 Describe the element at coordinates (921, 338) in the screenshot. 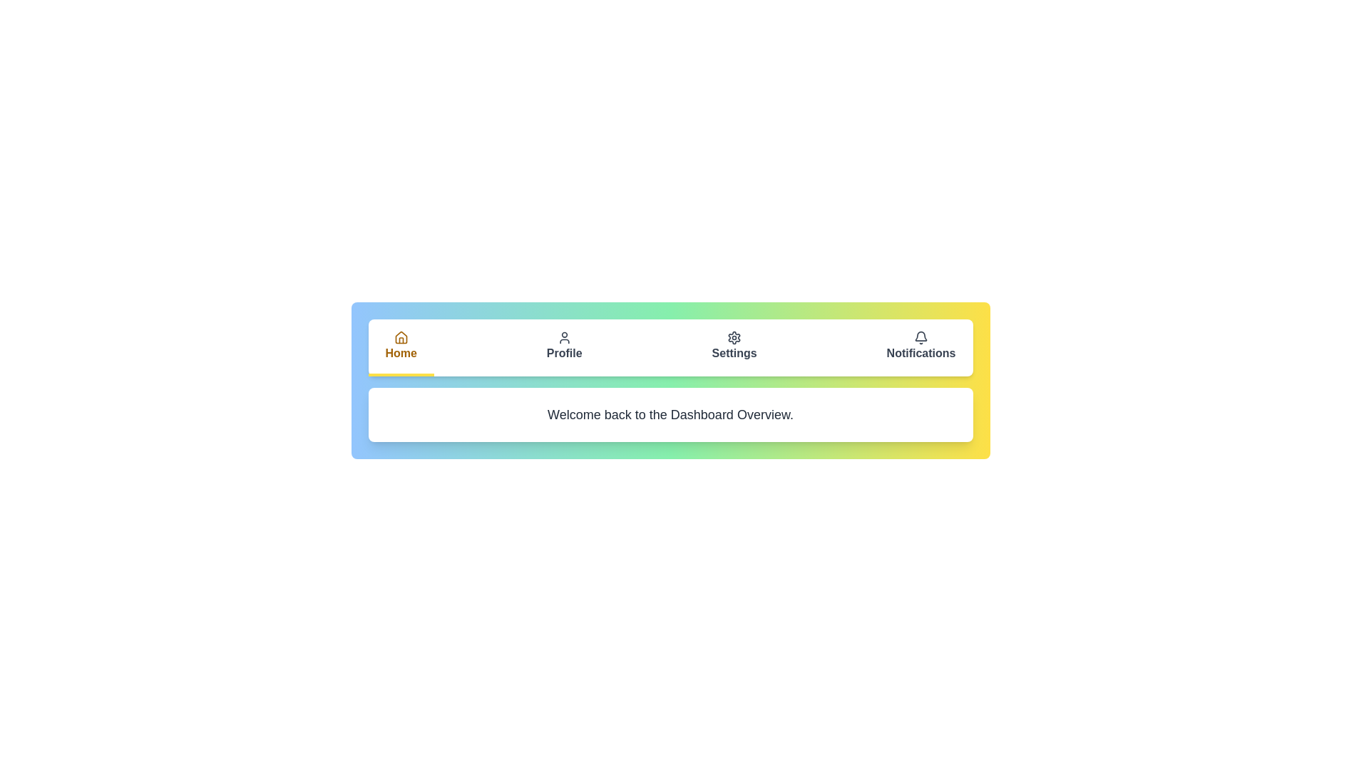

I see `the notifications icon located at the rightmost position of the top navigation bar, which signifies alerts or updates for the user` at that location.